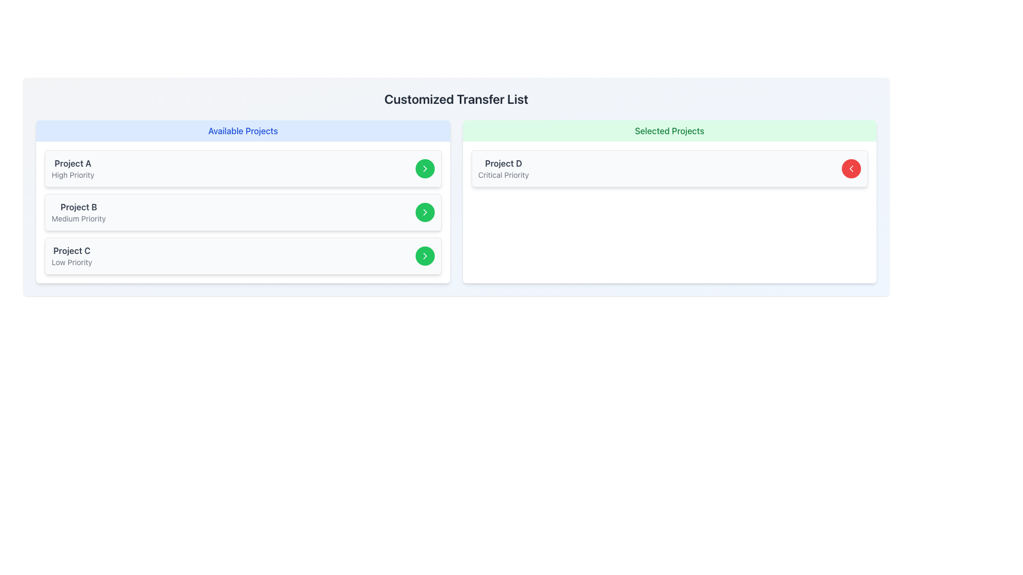 The image size is (1023, 575). Describe the element at coordinates (424, 168) in the screenshot. I see `the right-facing chevron icon embedded in the green circular button for 'Project B' in the 'Available Projects' column` at that location.